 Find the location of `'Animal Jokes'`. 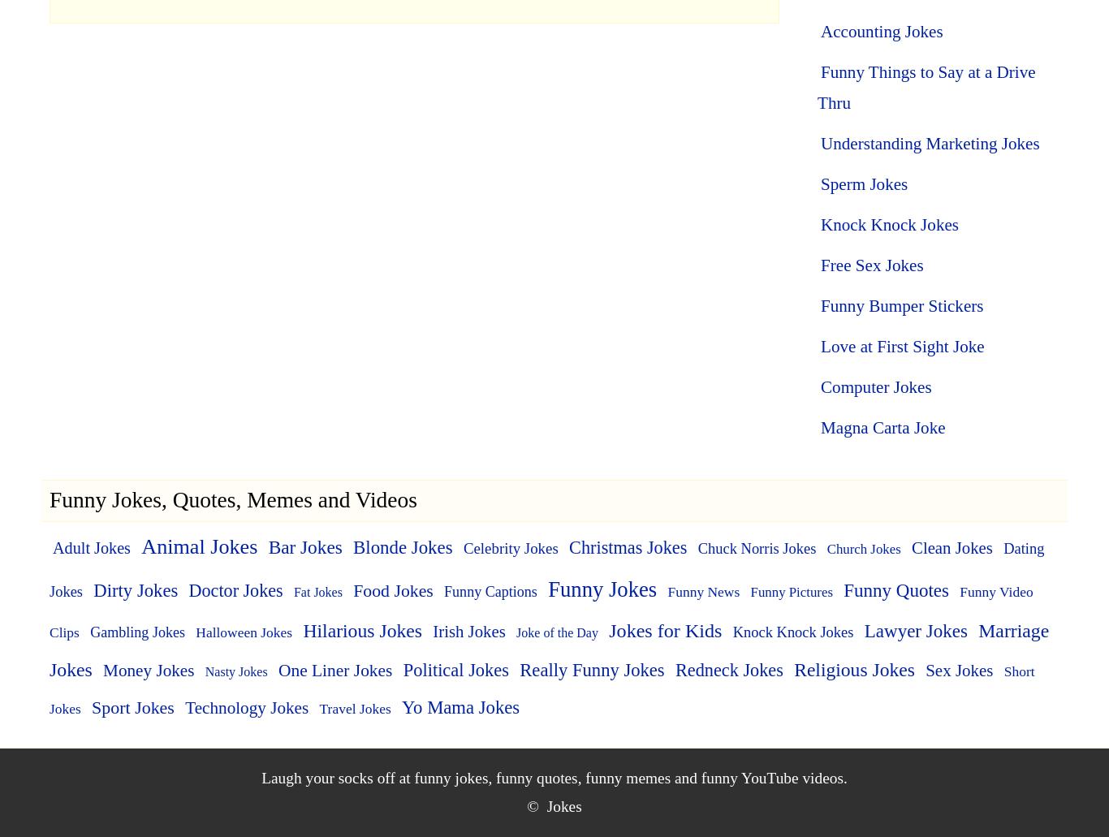

'Animal Jokes' is located at coordinates (199, 546).